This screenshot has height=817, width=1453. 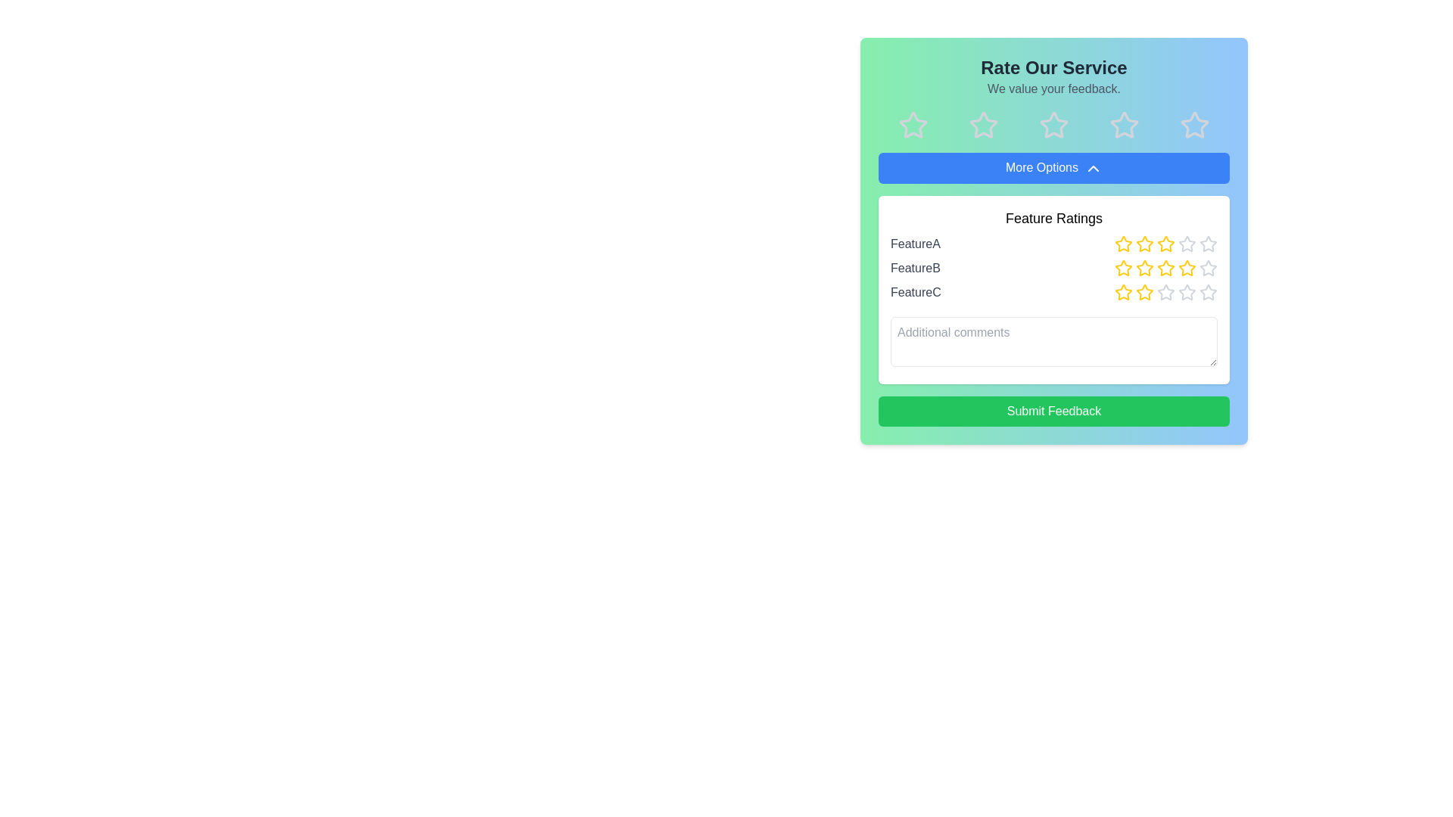 What do you see at coordinates (1123, 291) in the screenshot?
I see `the second star-shaped rating icon with a yellow border in the feature rating row for FeatureC` at bounding box center [1123, 291].